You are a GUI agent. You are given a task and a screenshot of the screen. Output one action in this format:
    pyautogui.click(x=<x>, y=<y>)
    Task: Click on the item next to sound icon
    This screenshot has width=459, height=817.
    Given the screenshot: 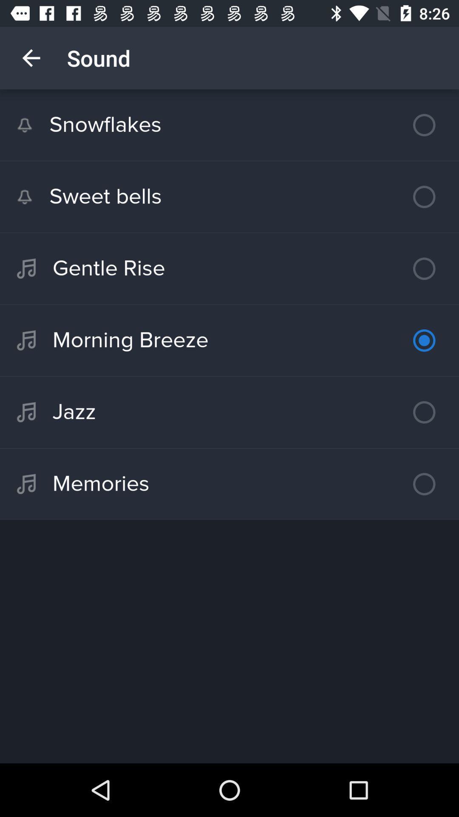 What is the action you would take?
    pyautogui.click(x=31, y=57)
    